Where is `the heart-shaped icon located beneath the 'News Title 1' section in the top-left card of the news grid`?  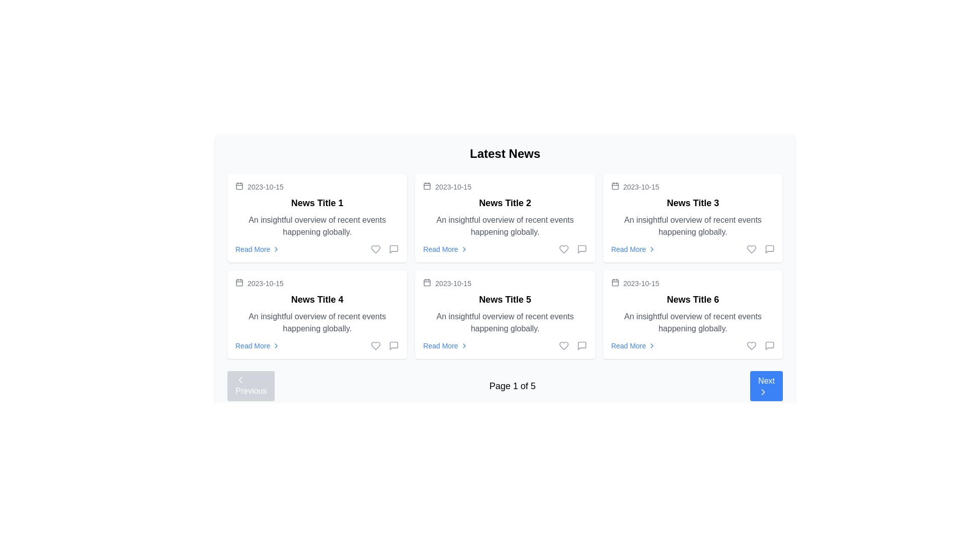
the heart-shaped icon located beneath the 'News Title 1' section in the top-left card of the news grid is located at coordinates (375, 249).